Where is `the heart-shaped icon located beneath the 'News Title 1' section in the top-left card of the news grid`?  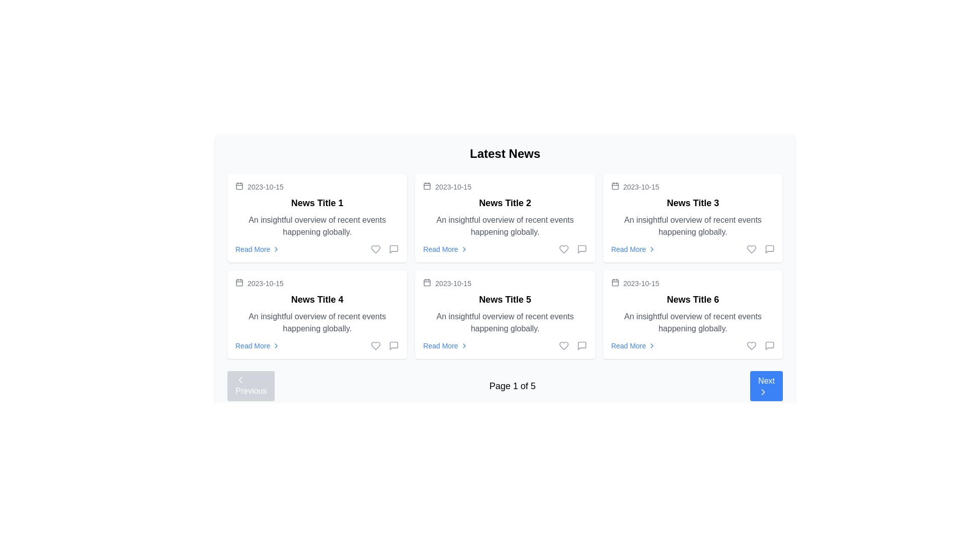
the heart-shaped icon located beneath the 'News Title 1' section in the top-left card of the news grid is located at coordinates (375, 249).